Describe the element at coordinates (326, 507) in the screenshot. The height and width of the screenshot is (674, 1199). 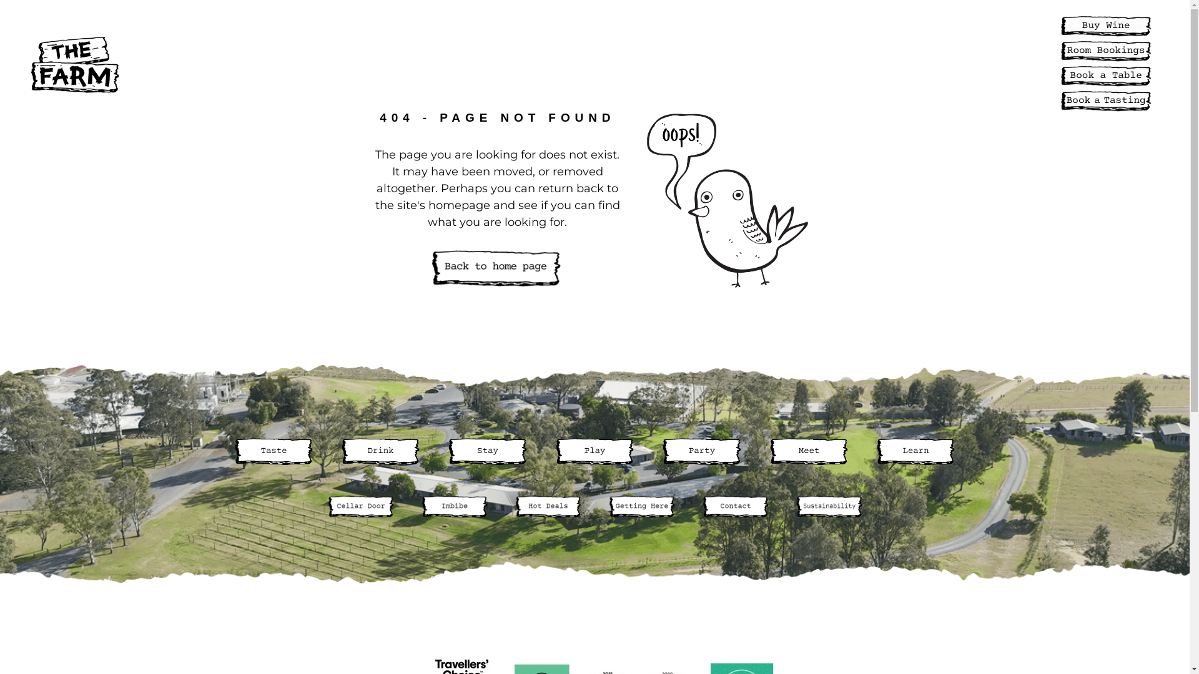
I see `'Cellar Door-11'` at that location.